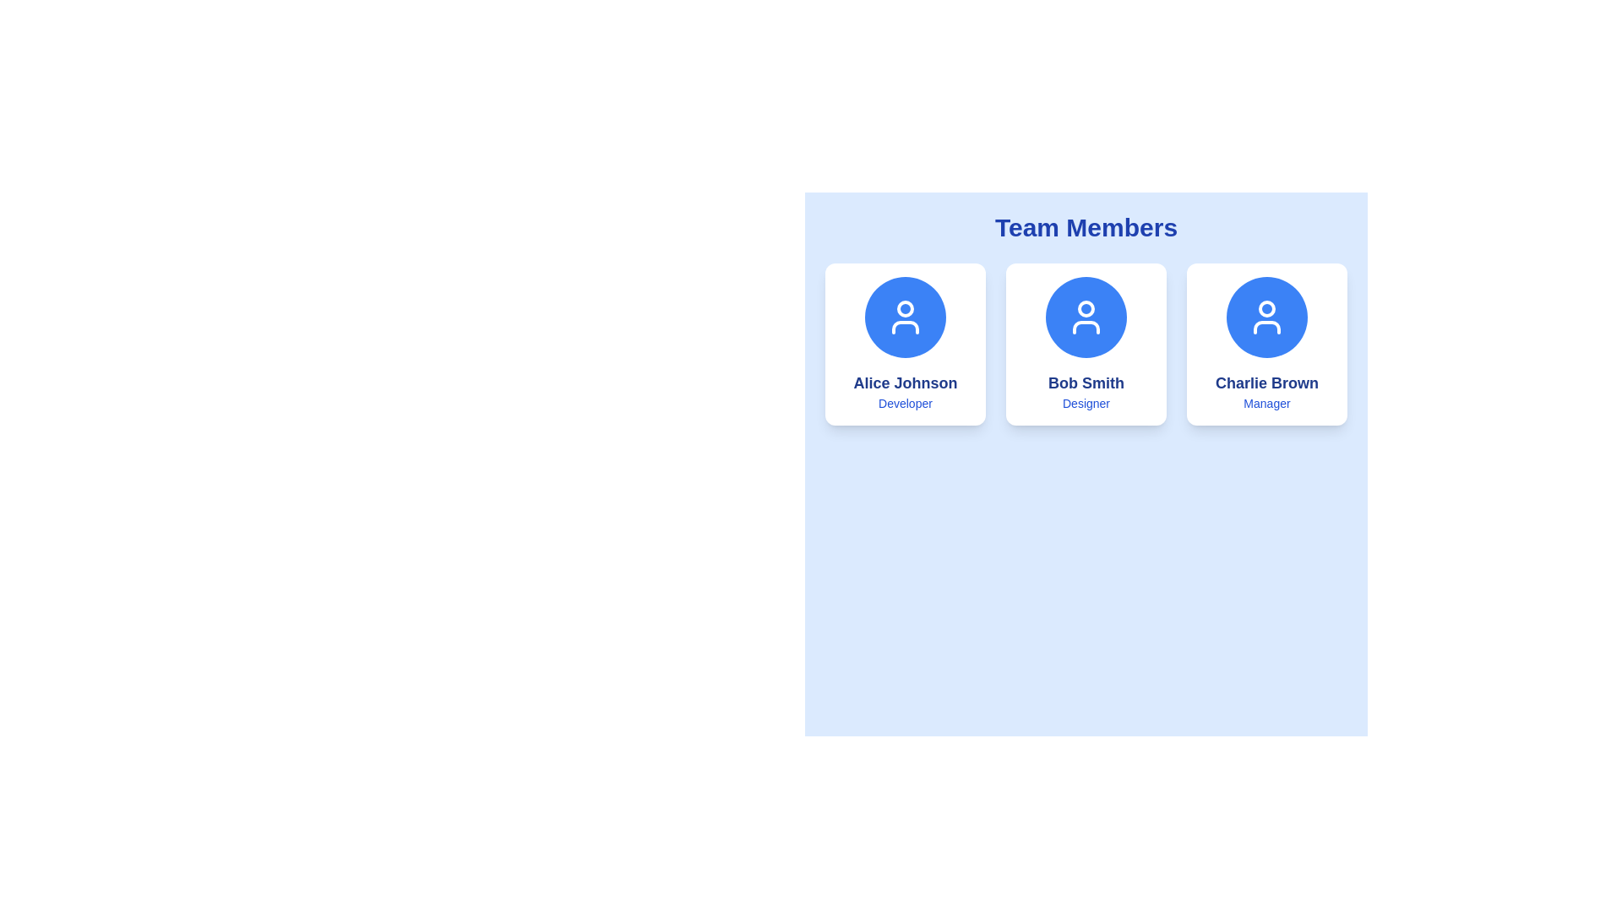 The height and width of the screenshot is (912, 1622). I want to click on the small filled circle representing a user in the Charlie Brown profile card, which is located at the top center of the user icon, so click(1266, 309).